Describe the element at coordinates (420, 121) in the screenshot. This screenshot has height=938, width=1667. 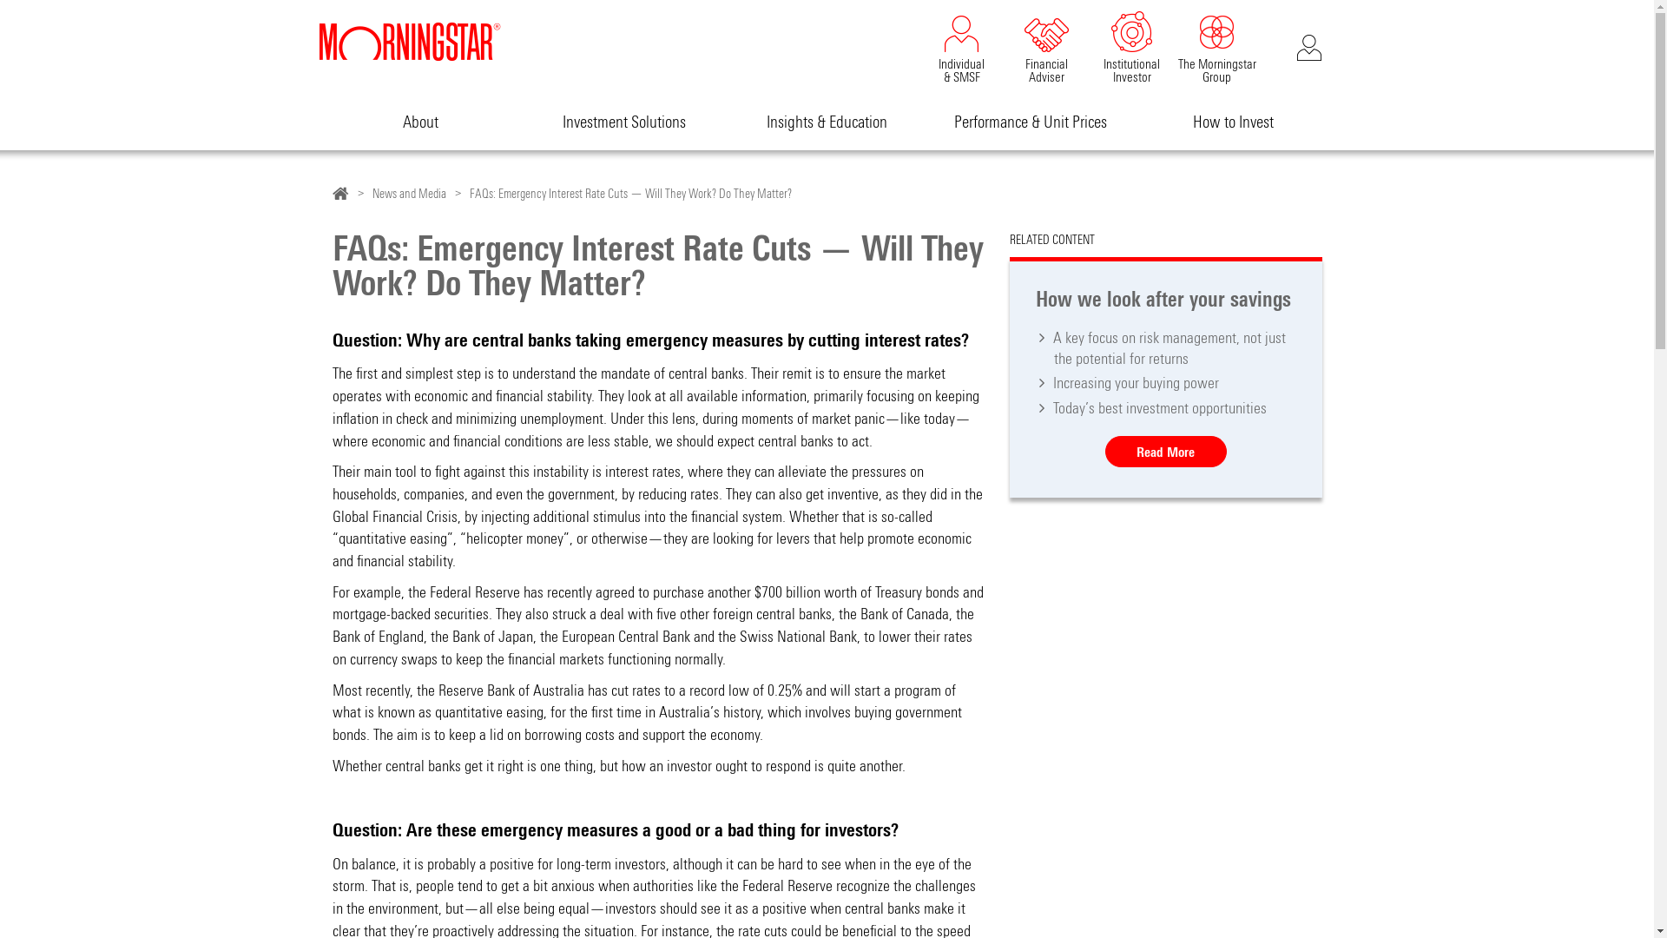
I see `'About'` at that location.